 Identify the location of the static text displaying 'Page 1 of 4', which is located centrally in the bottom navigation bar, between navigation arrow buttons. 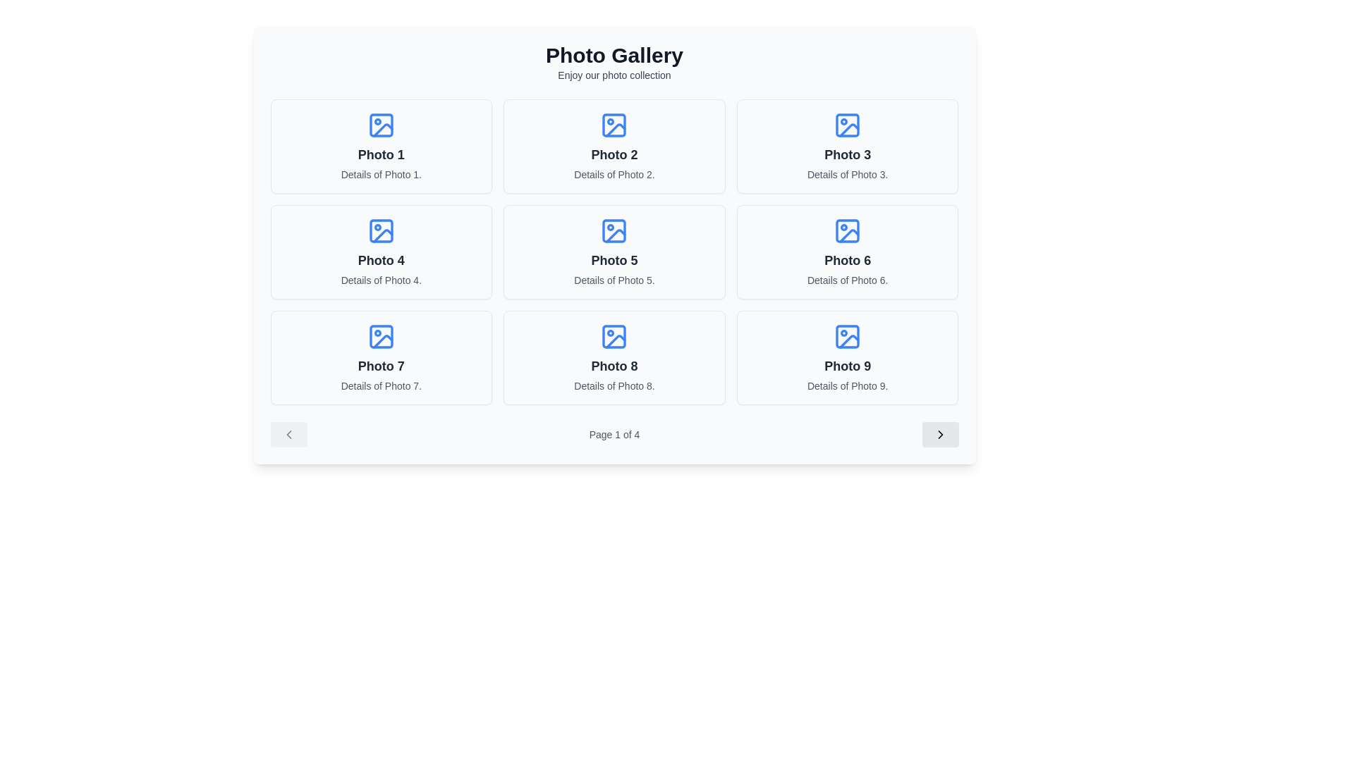
(614, 434).